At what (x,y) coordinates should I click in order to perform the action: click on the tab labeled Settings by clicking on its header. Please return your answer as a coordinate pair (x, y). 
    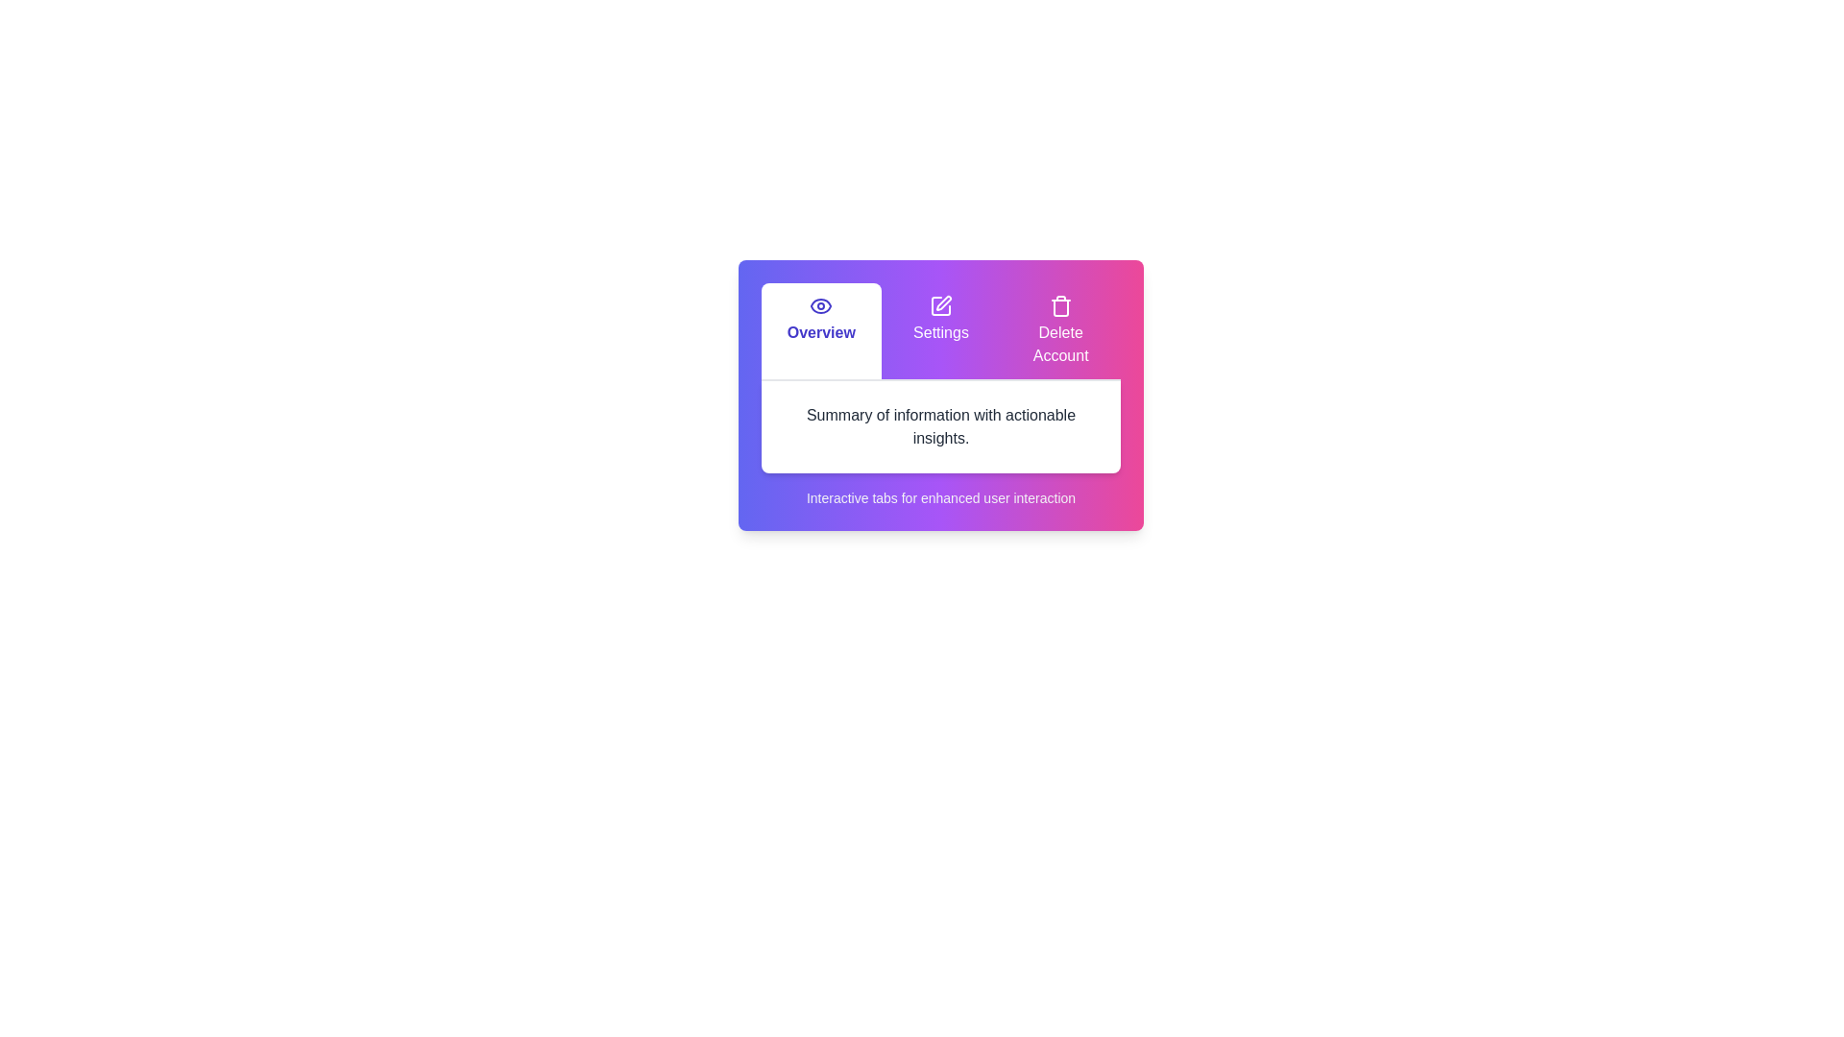
    Looking at the image, I should click on (940, 329).